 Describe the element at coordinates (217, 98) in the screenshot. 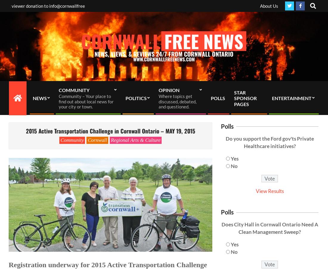

I see `'POLLS'` at that location.